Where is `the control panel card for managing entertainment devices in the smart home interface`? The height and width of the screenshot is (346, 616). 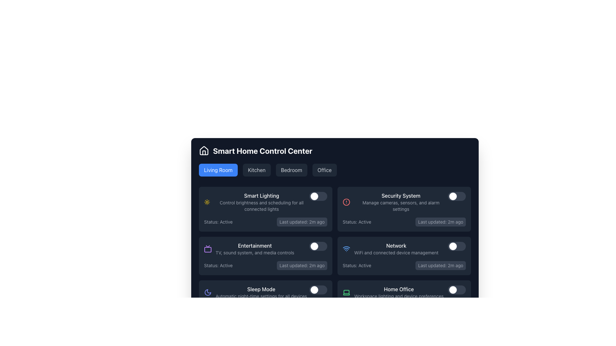 the control panel card for managing entertainment devices in the smart home interface is located at coordinates (266, 255).